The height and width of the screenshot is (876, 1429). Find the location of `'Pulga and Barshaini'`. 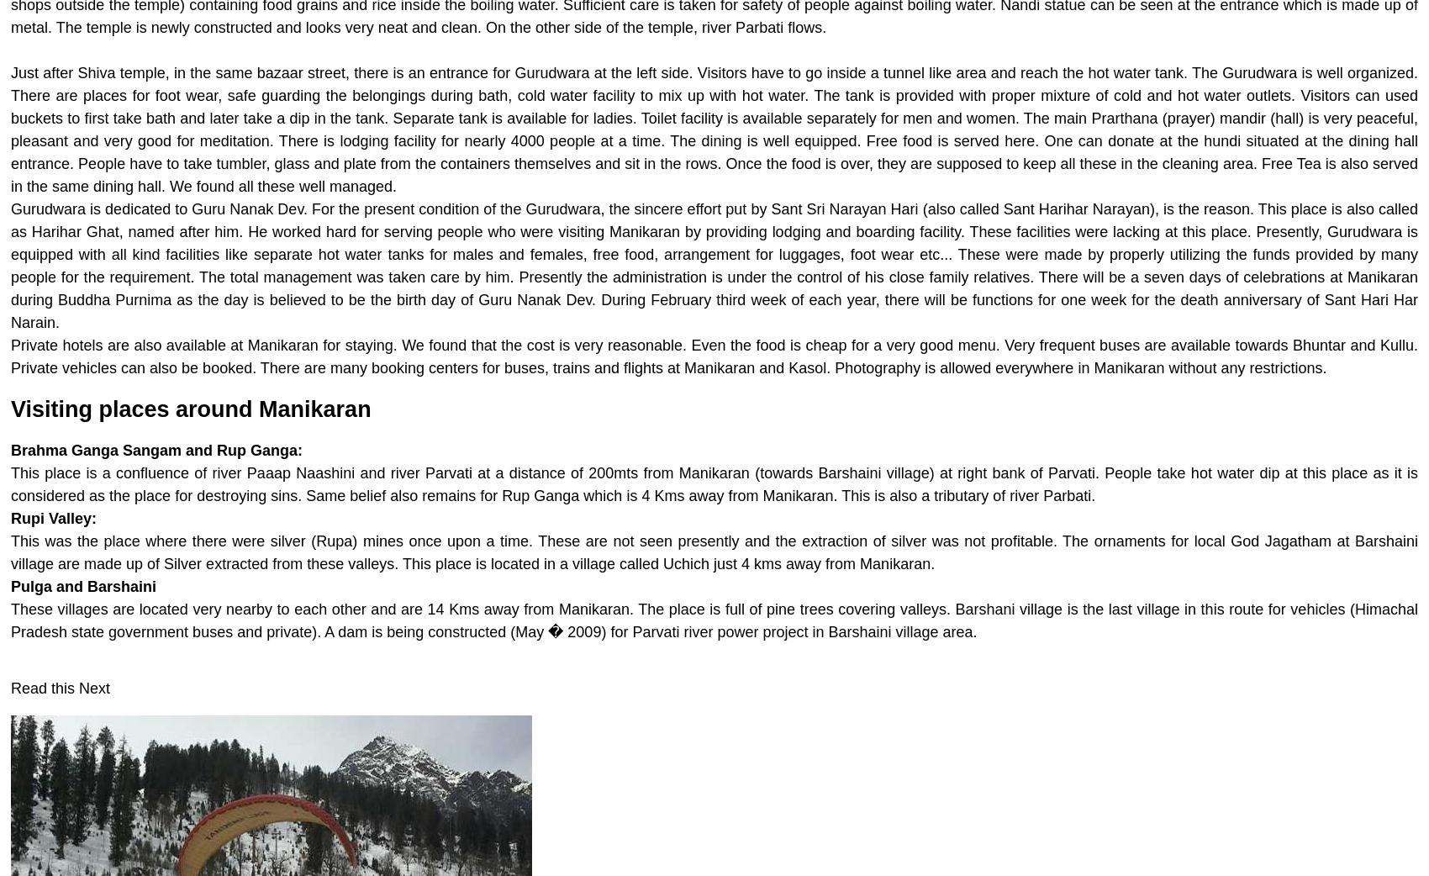

'Pulga and Barshaini' is located at coordinates (83, 586).